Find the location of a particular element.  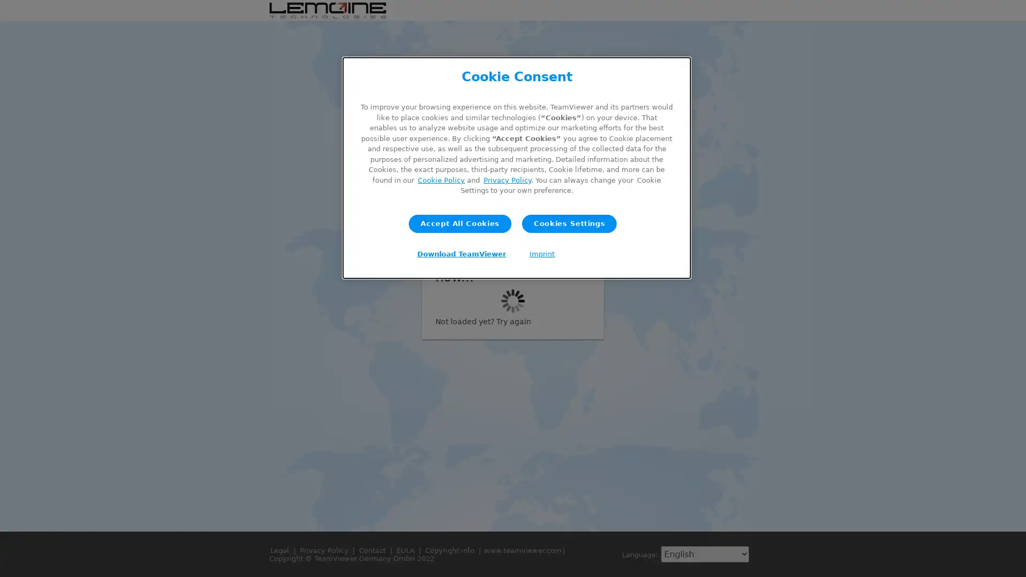

Cookies Settings is located at coordinates (569, 222).